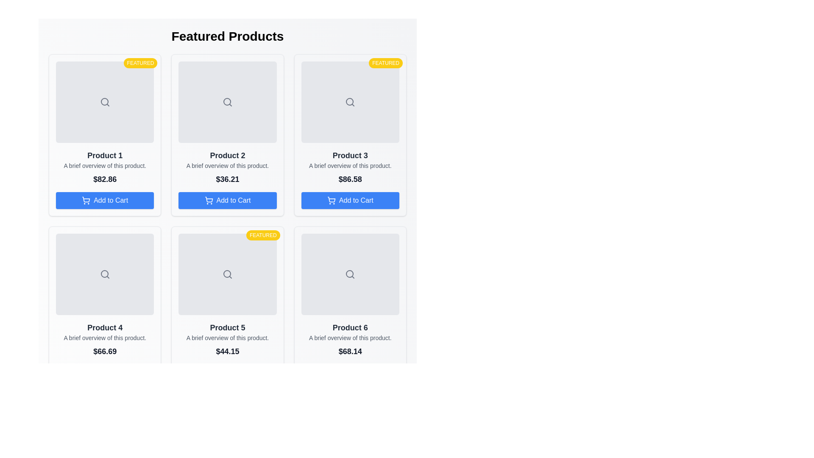 The image size is (814, 458). Describe the element at coordinates (350, 155) in the screenshot. I see `text of the product title label located in the third column of the first row of the product grid, which is positioned beneath the product image and above the overview text and price` at that location.